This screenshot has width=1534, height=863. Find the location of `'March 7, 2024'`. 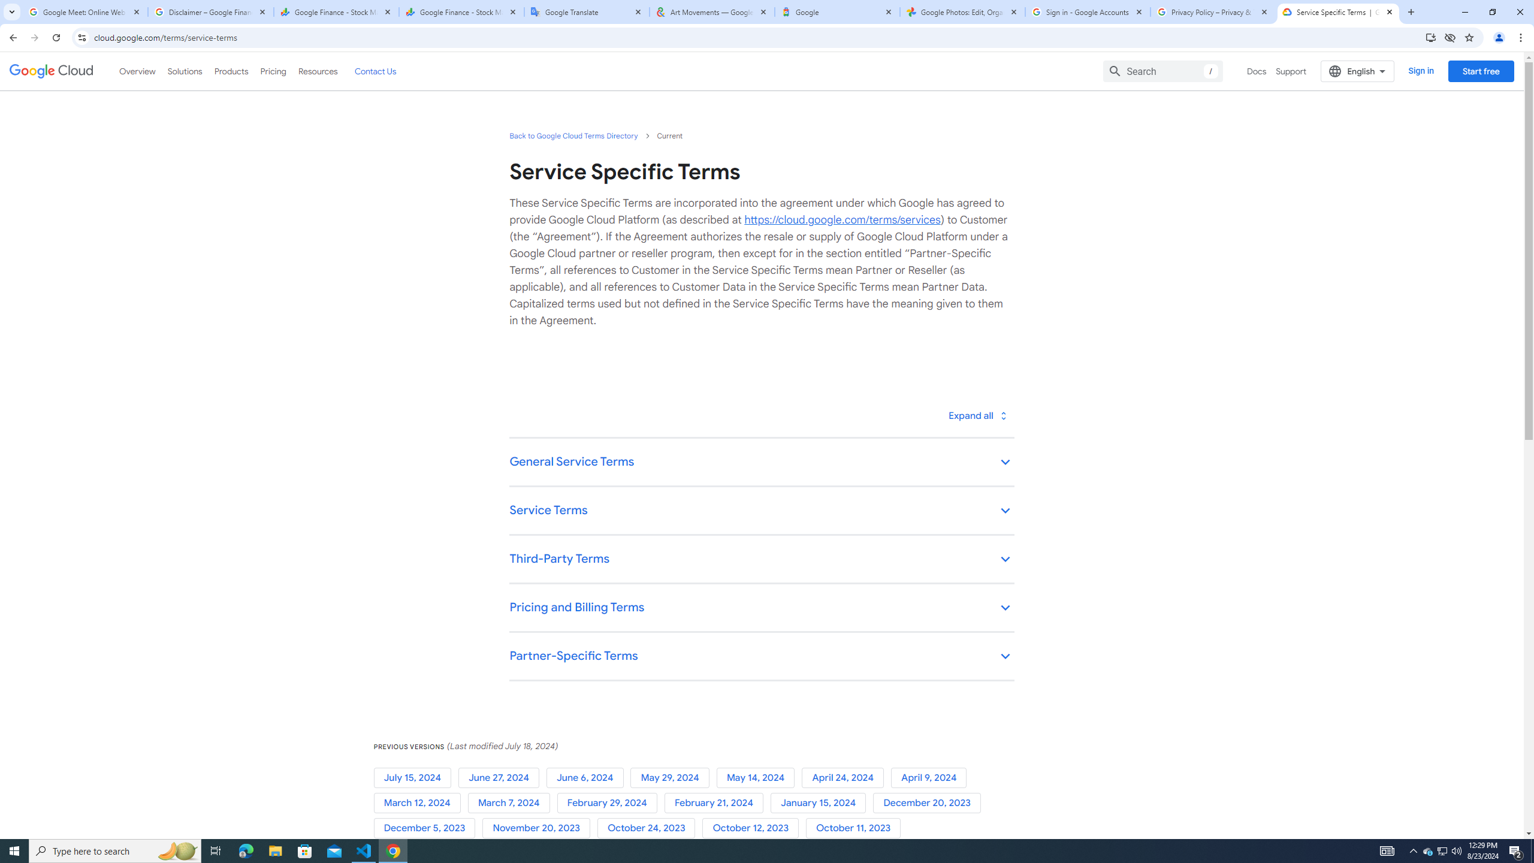

'March 7, 2024' is located at coordinates (512, 802).